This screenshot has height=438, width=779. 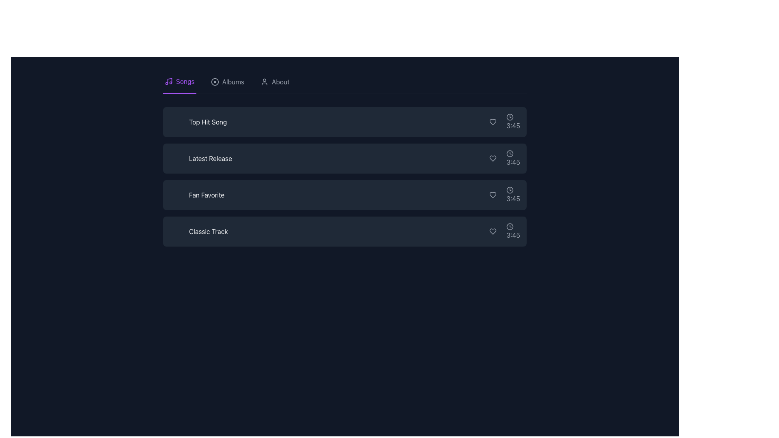 What do you see at coordinates (198, 122) in the screenshot?
I see `text content of the first label in the list of song entries, which serves as the title for the respective song entry` at bounding box center [198, 122].